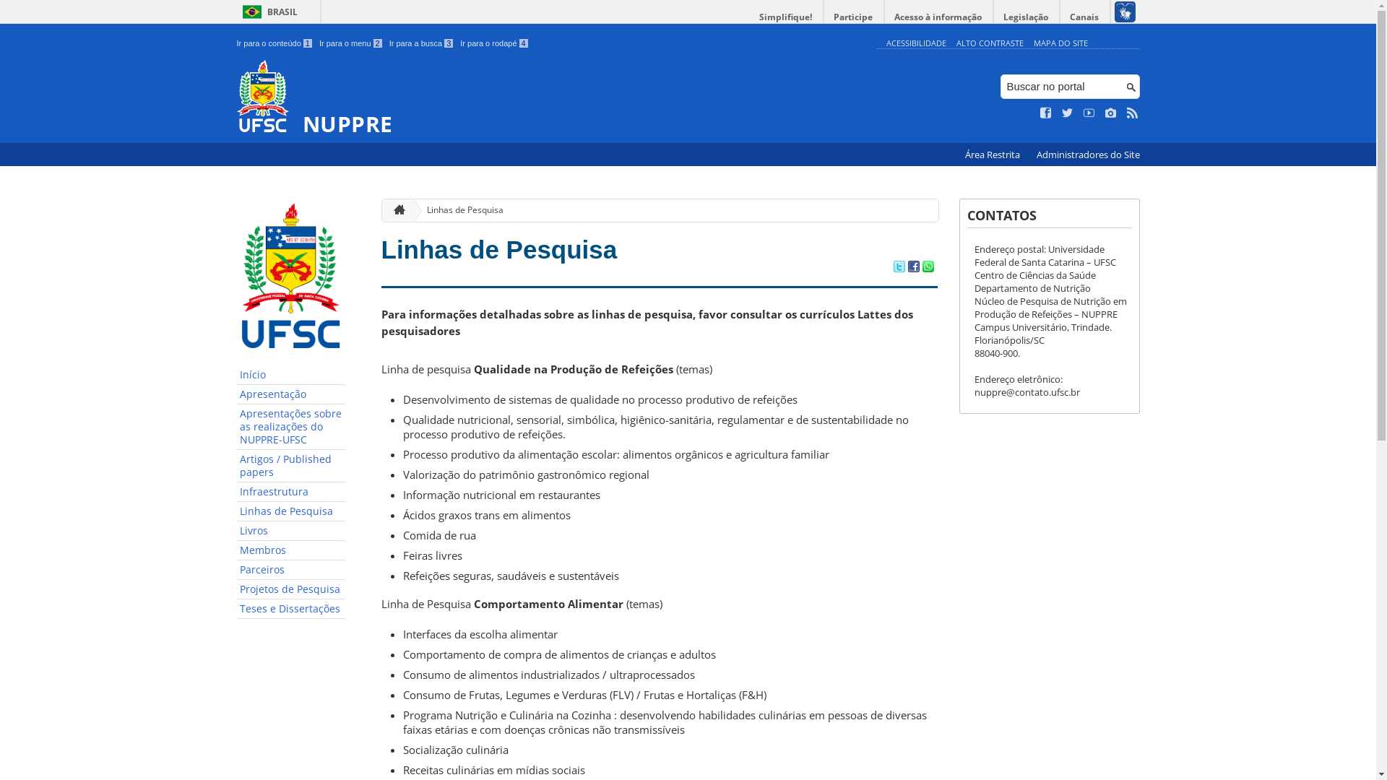 The width and height of the screenshot is (1387, 780). I want to click on 'Ir para a busca 3', so click(420, 43).